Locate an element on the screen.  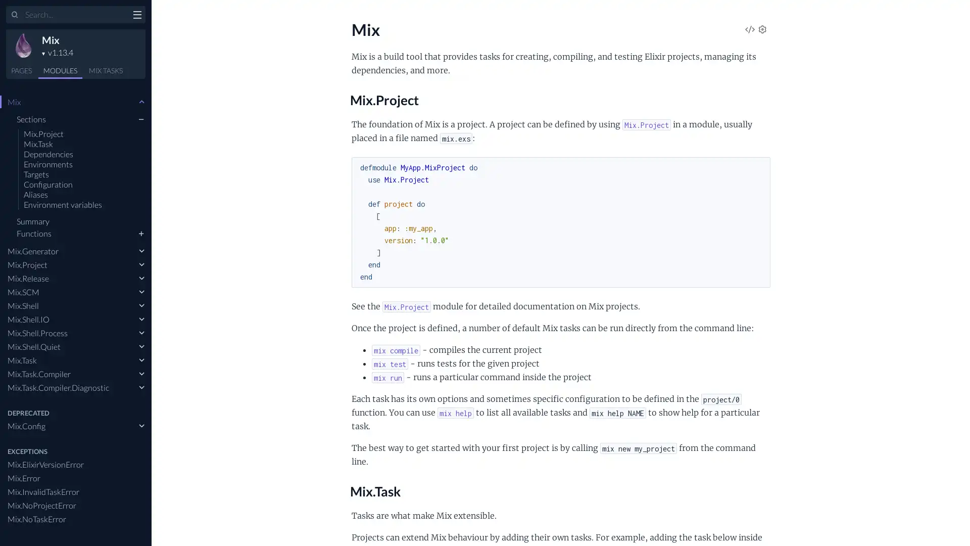
Settings is located at coordinates (762, 30).